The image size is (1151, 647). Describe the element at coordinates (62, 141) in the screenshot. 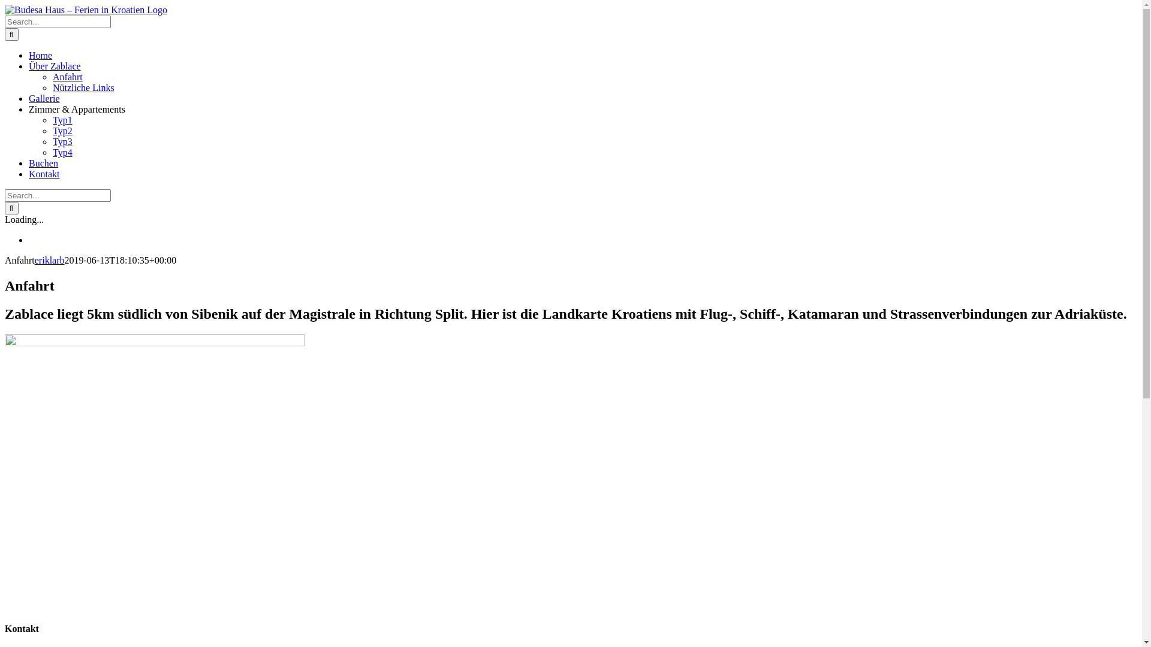

I see `'Typ3'` at that location.